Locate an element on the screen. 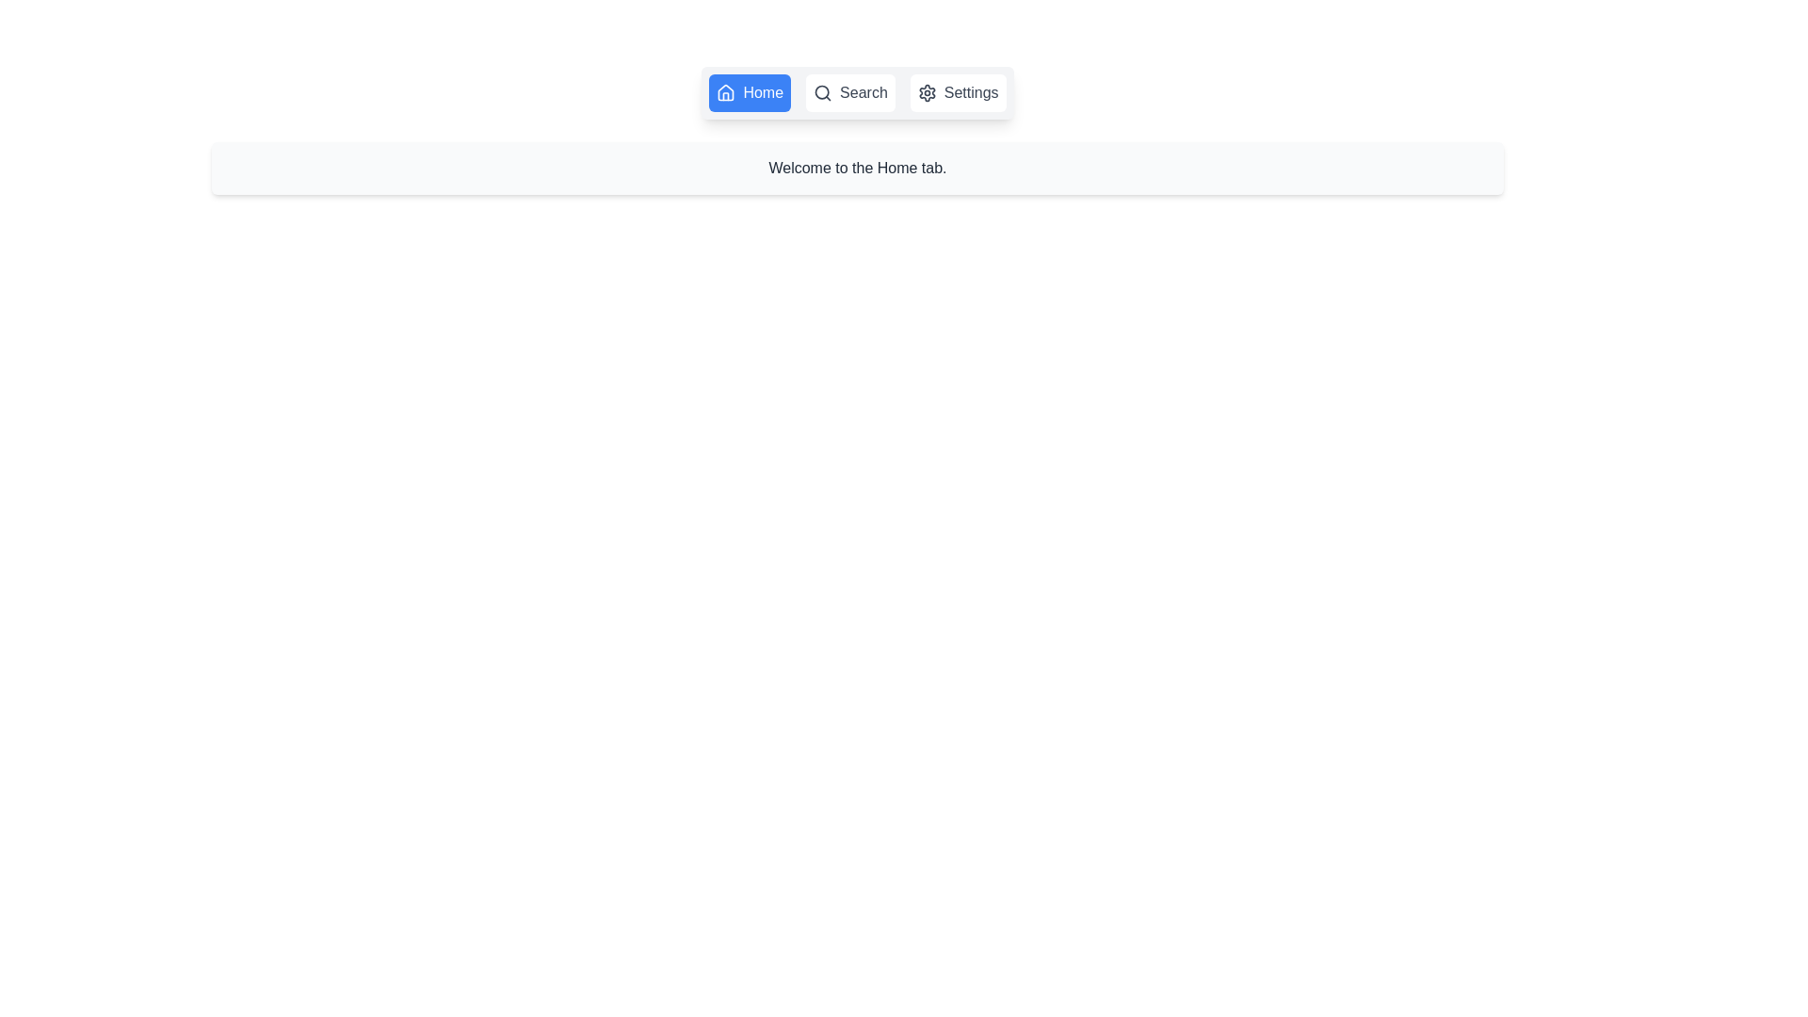  the settings icon, which is the first graphical element within the 'Settings' button on the navigation bar, positioned as the third item from the left is located at coordinates (927, 93).